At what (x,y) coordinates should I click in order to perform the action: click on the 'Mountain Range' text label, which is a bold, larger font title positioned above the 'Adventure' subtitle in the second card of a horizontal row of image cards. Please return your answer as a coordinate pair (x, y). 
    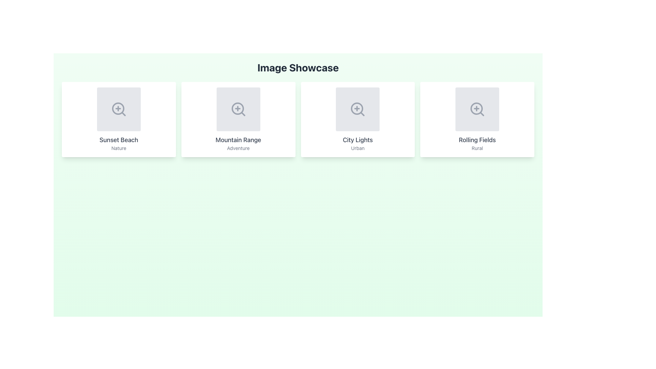
    Looking at the image, I should click on (238, 139).